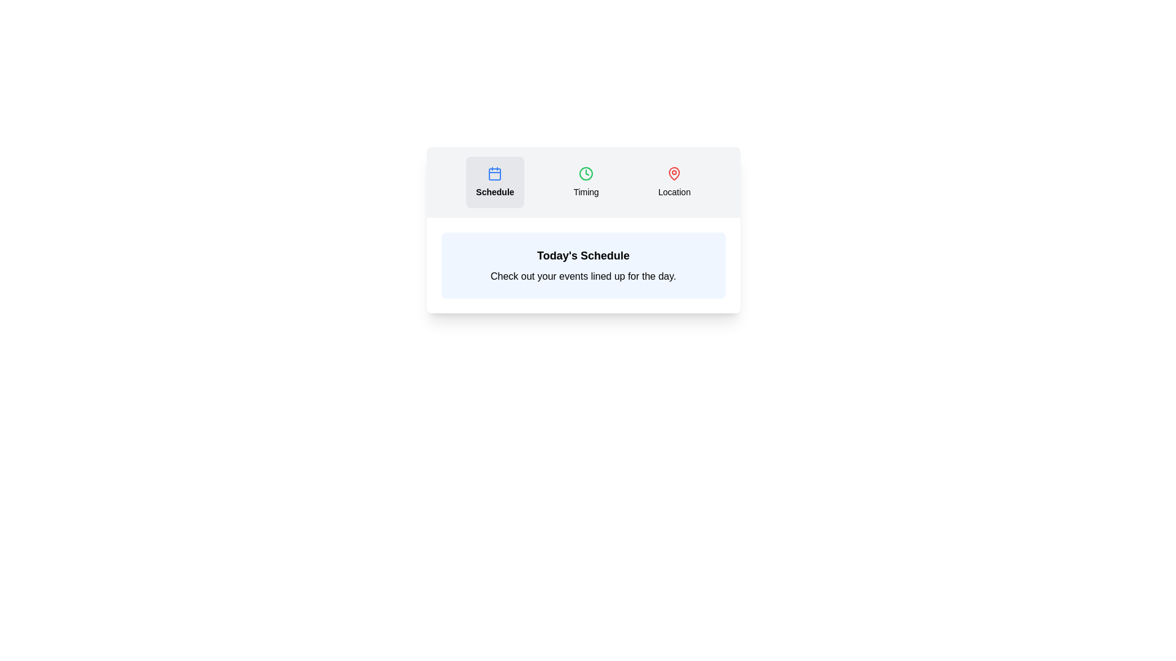 The image size is (1176, 661). What do you see at coordinates (586, 182) in the screenshot?
I see `the tab labeled Timing` at bounding box center [586, 182].